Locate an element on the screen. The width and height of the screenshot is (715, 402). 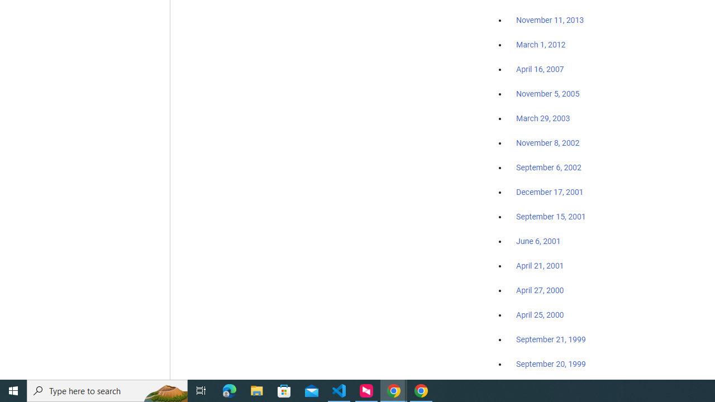
'November 8, 2002' is located at coordinates (548, 142).